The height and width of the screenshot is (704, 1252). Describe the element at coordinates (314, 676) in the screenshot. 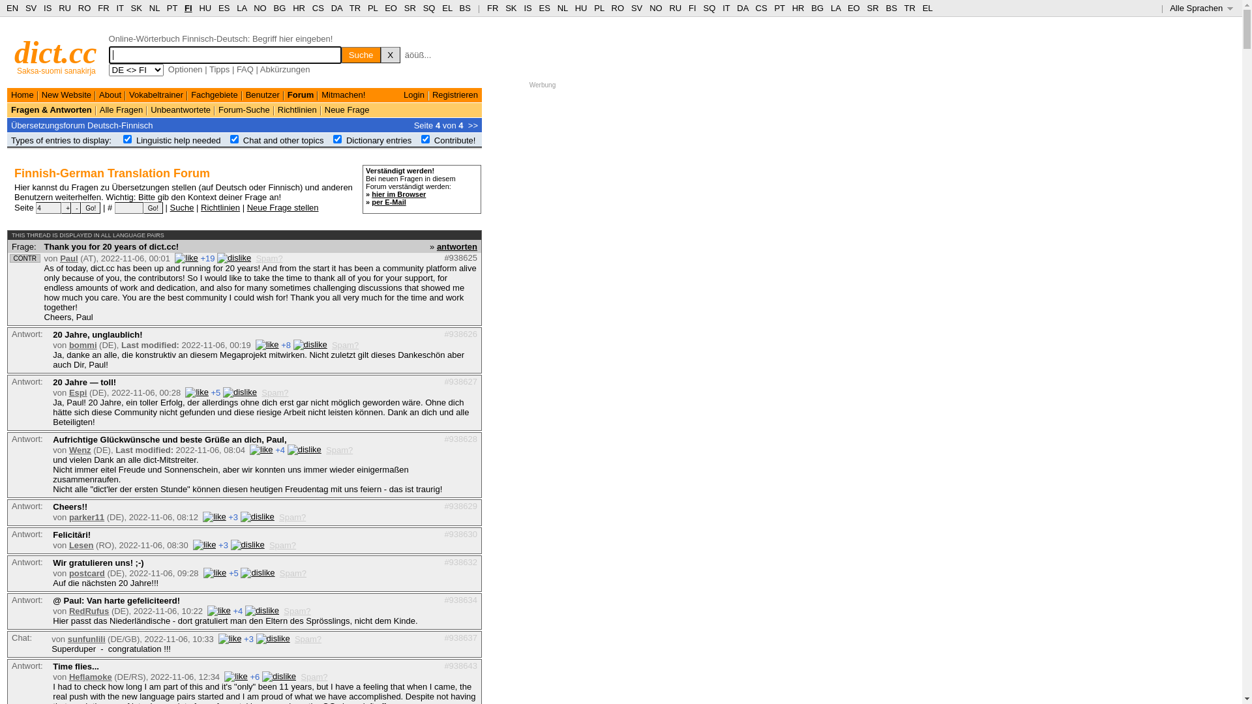

I see `'Spam?'` at that location.